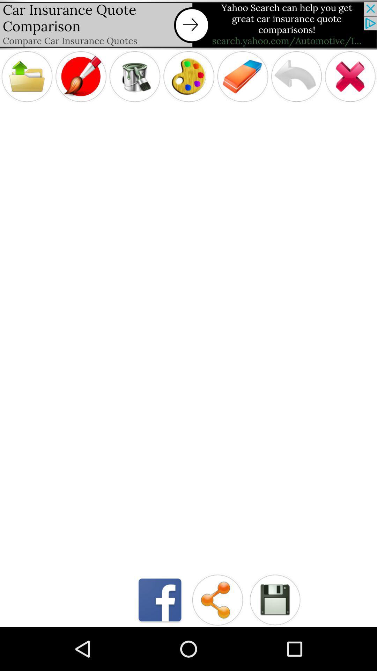 Image resolution: width=377 pixels, height=671 pixels. I want to click on click on folder, so click(27, 77).